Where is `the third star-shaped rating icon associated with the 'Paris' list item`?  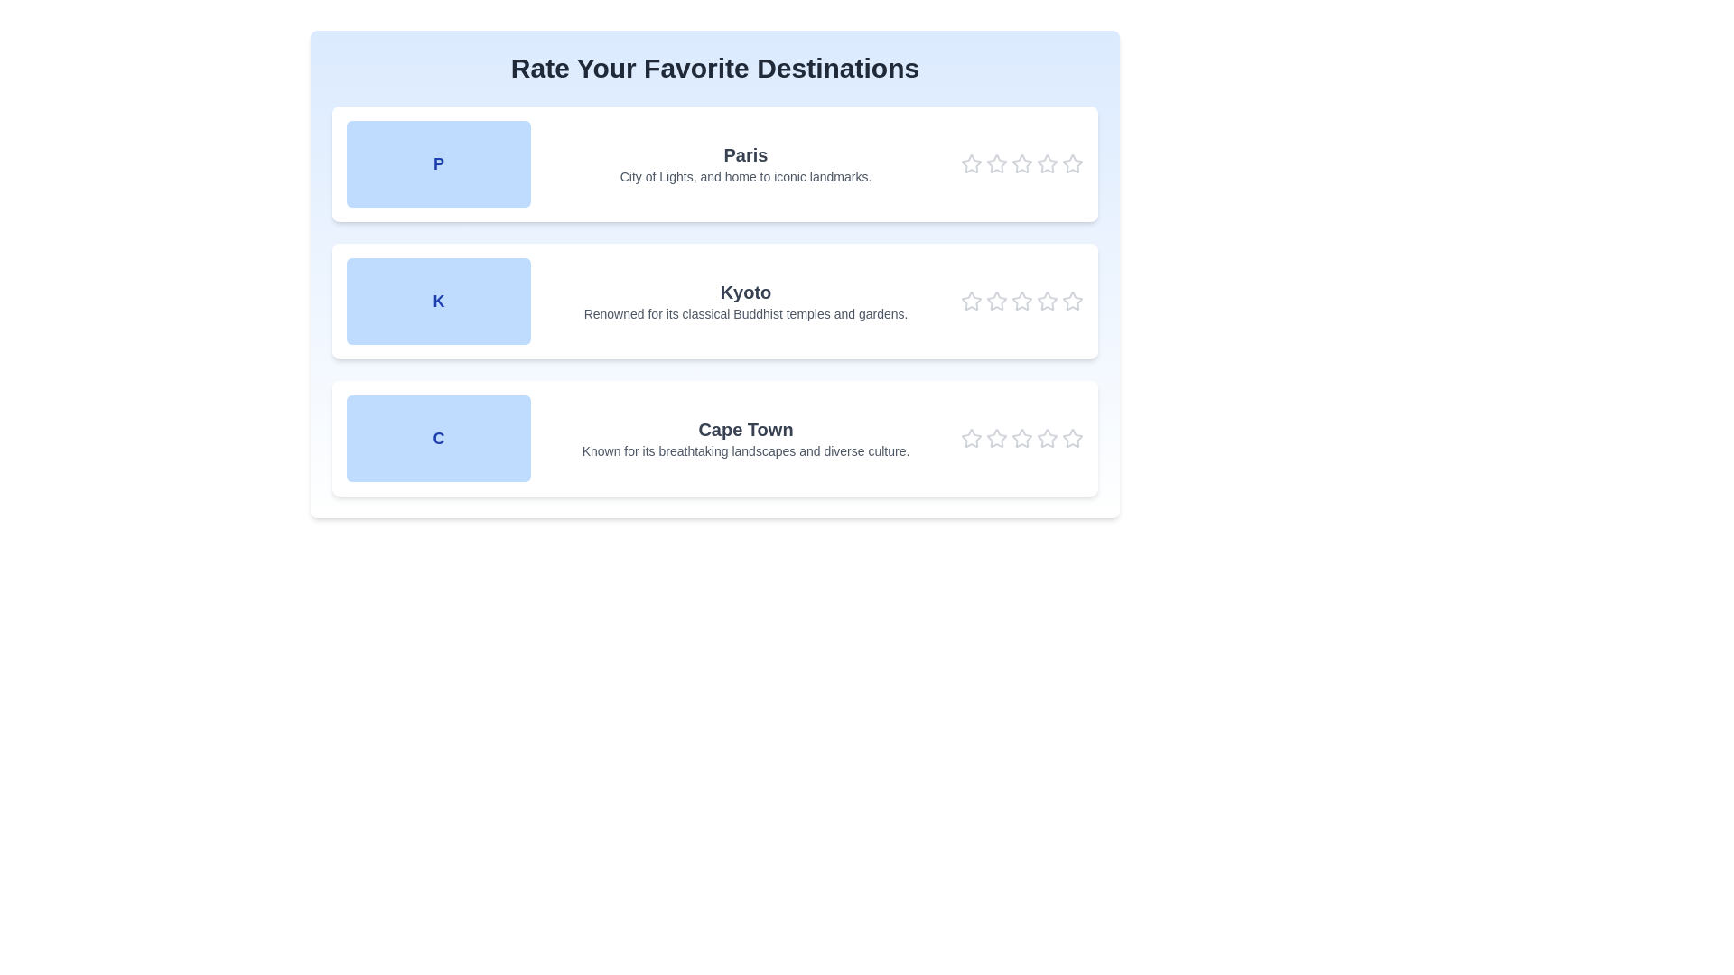
the third star-shaped rating icon associated with the 'Paris' list item is located at coordinates (1022, 163).